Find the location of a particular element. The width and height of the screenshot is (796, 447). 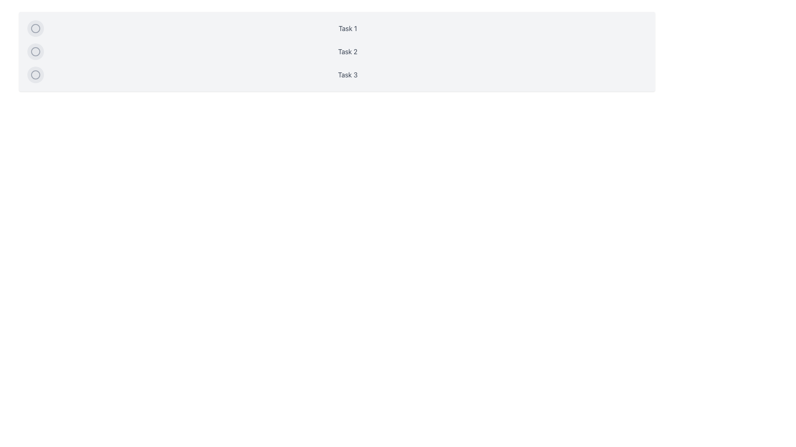

the status of the third circle graphic in the SVG icon, which is styled gray and positioned to the left of the label 'Task 3' is located at coordinates (35, 75).